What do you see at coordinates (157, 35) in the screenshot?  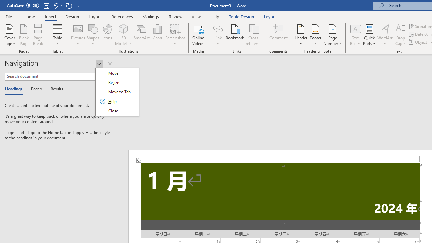 I see `'Chart...'` at bounding box center [157, 35].